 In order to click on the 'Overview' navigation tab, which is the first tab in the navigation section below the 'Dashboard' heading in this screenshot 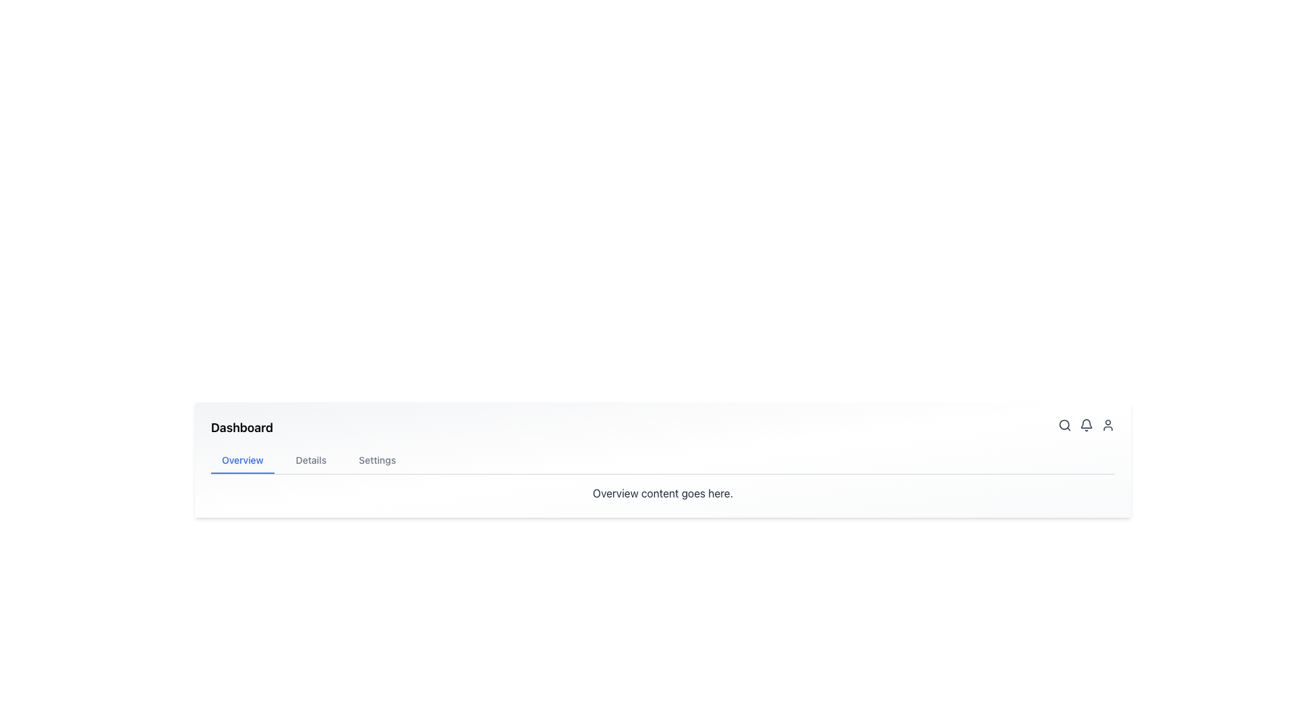, I will do `click(242, 460)`.